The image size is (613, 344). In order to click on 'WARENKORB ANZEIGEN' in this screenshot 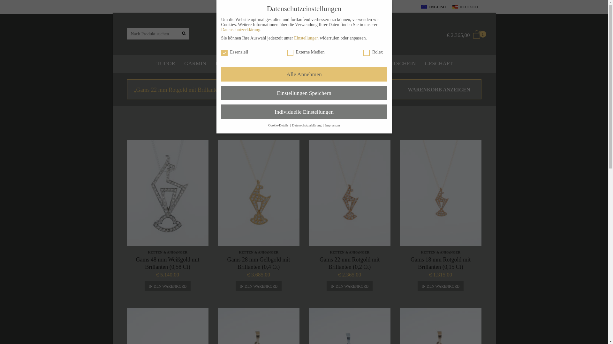, I will do `click(438, 90)`.